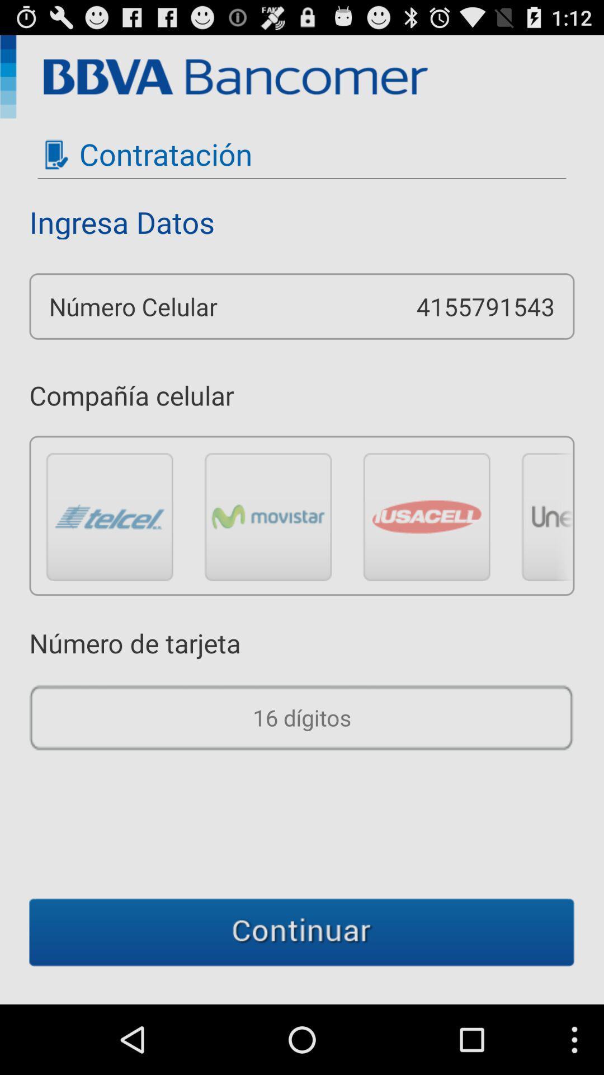 This screenshot has height=1075, width=604. I want to click on card number, so click(302, 717).